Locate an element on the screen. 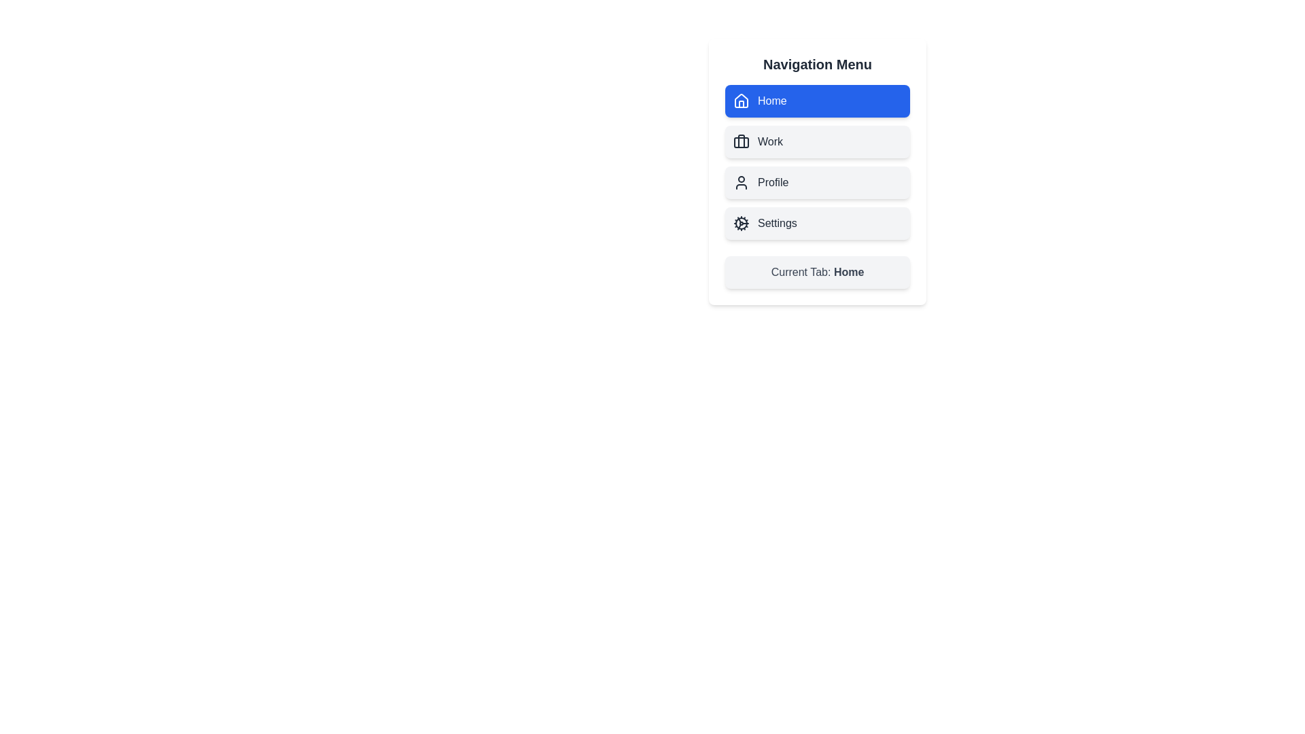 The width and height of the screenshot is (1305, 734). the Settings tab to activate it is located at coordinates (817, 222).